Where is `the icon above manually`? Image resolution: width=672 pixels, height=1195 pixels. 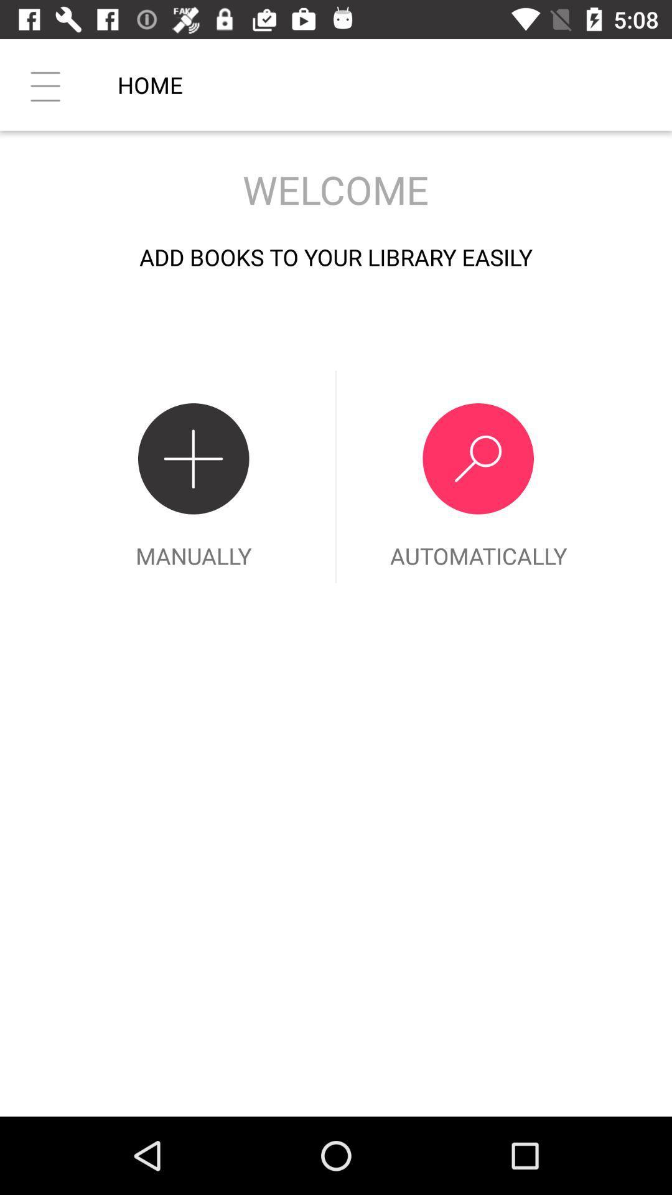
the icon above manually is located at coordinates (45, 84).